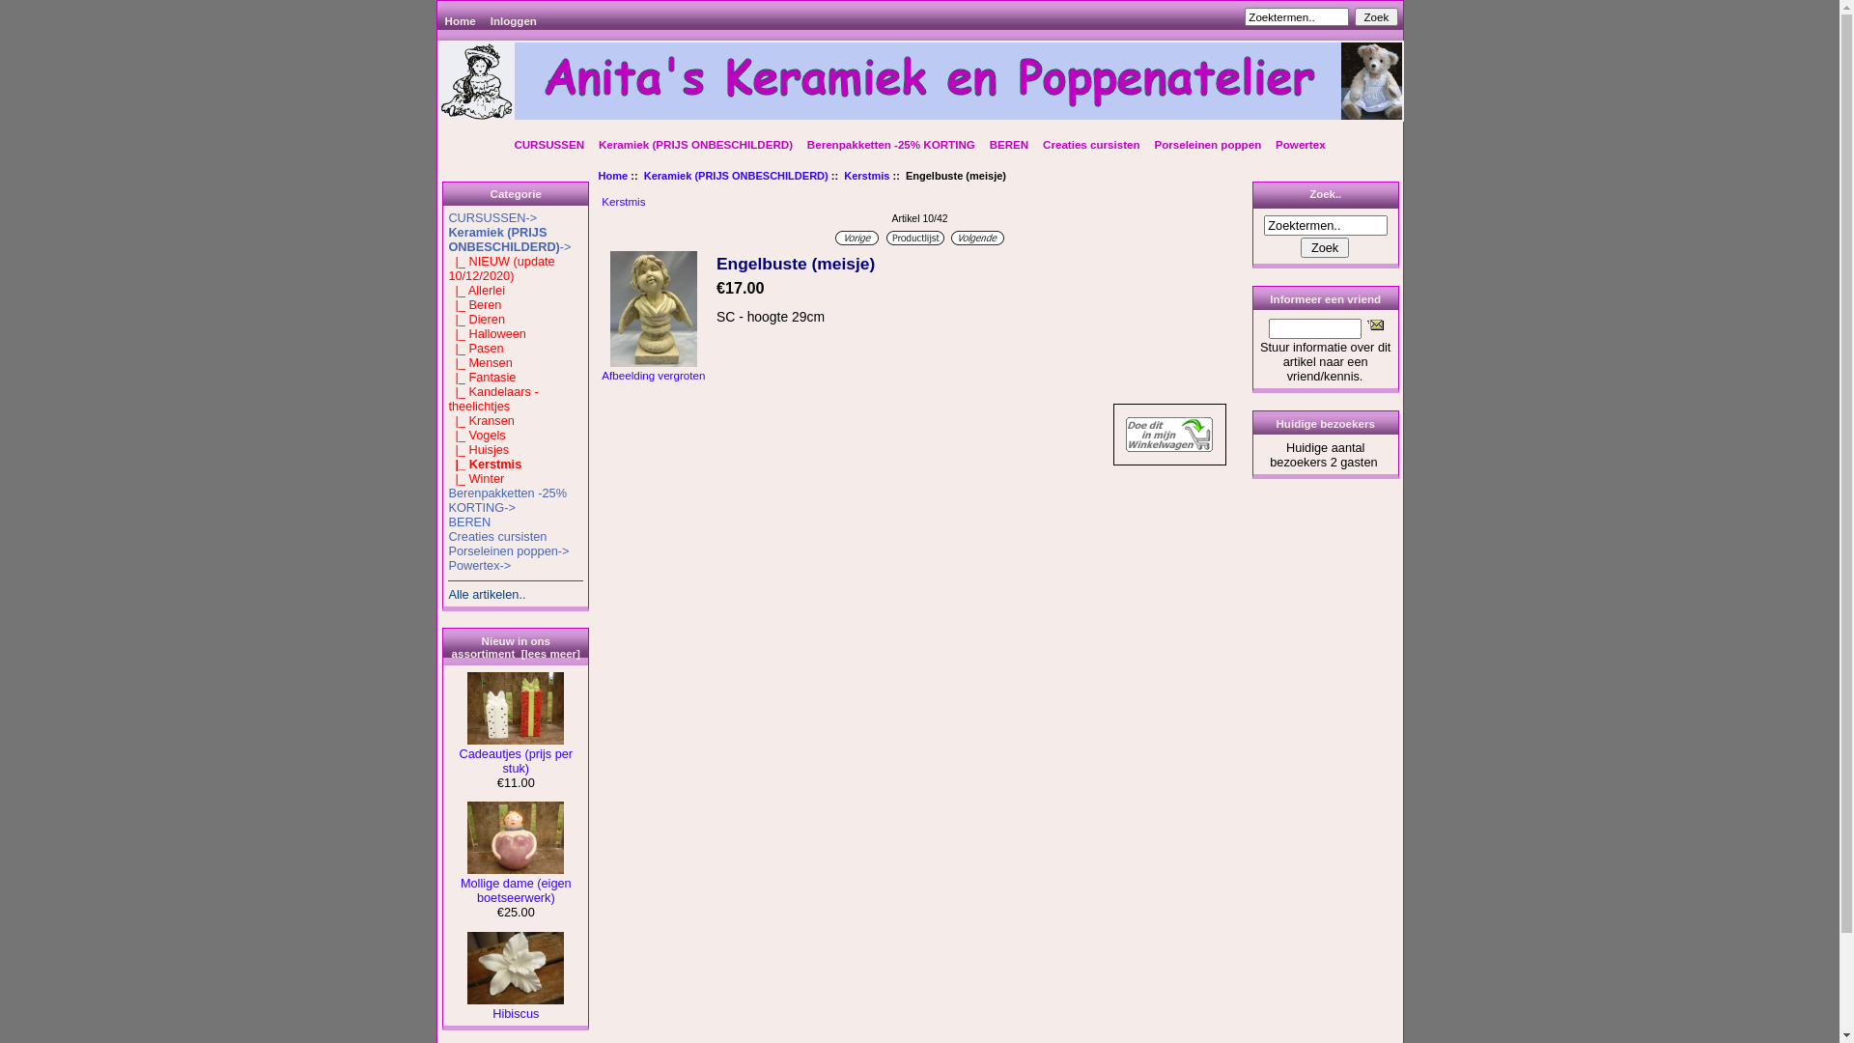 The height and width of the screenshot is (1043, 1854). What do you see at coordinates (612, 175) in the screenshot?
I see `'Home'` at bounding box center [612, 175].